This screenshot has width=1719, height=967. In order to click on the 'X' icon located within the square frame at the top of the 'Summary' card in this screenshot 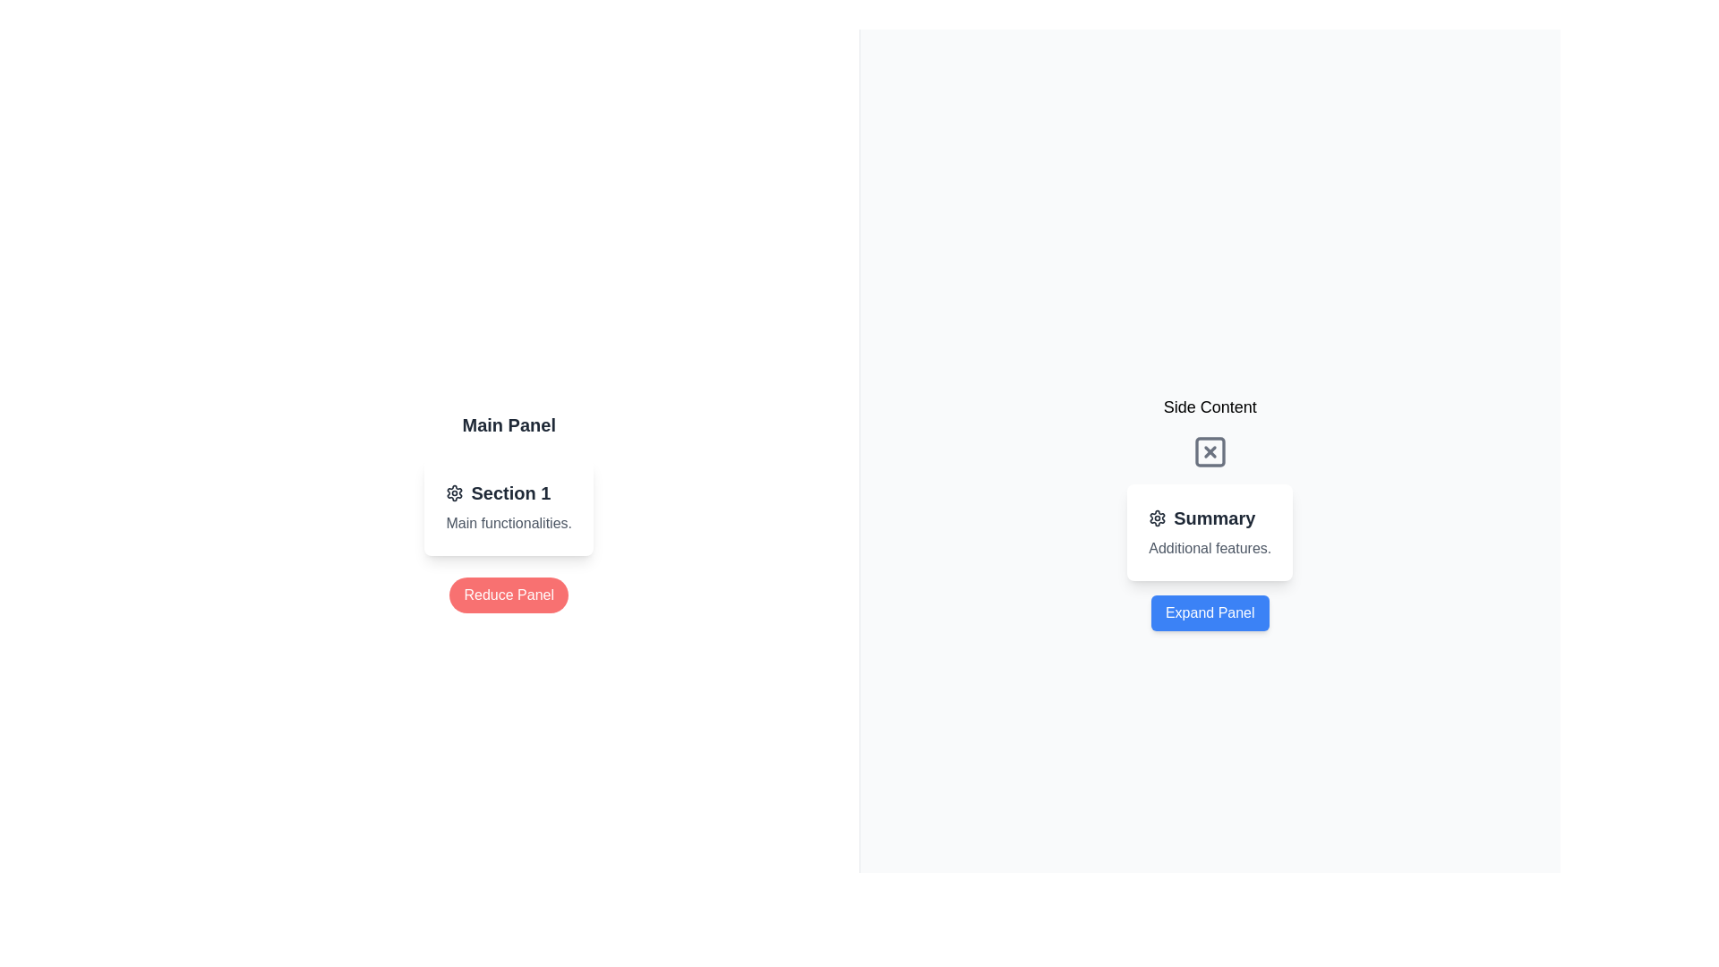, I will do `click(1210, 451)`.